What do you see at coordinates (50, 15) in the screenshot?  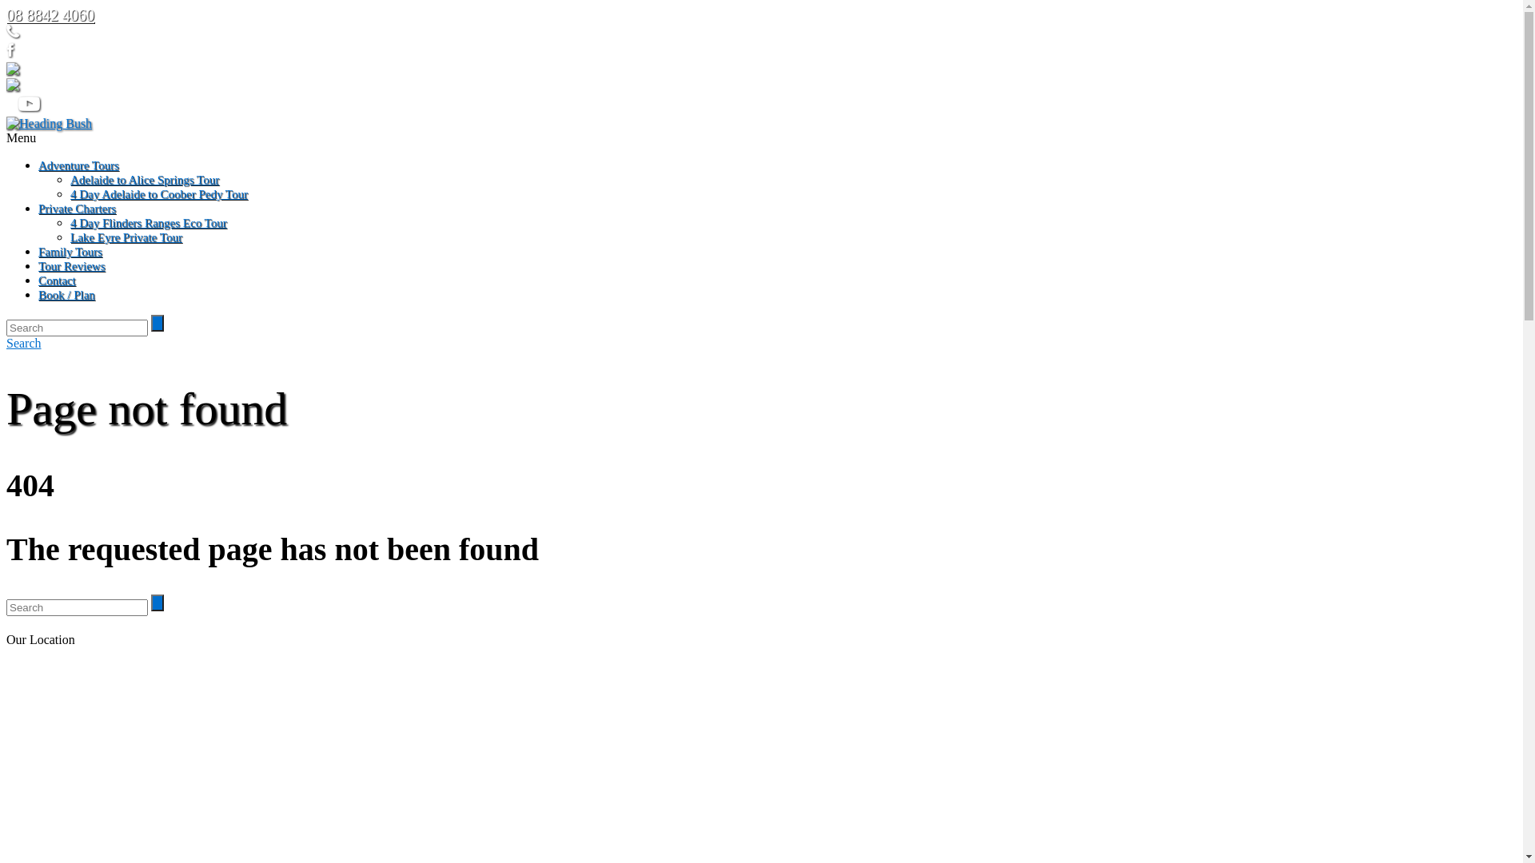 I see `'08 8842 4060'` at bounding box center [50, 15].